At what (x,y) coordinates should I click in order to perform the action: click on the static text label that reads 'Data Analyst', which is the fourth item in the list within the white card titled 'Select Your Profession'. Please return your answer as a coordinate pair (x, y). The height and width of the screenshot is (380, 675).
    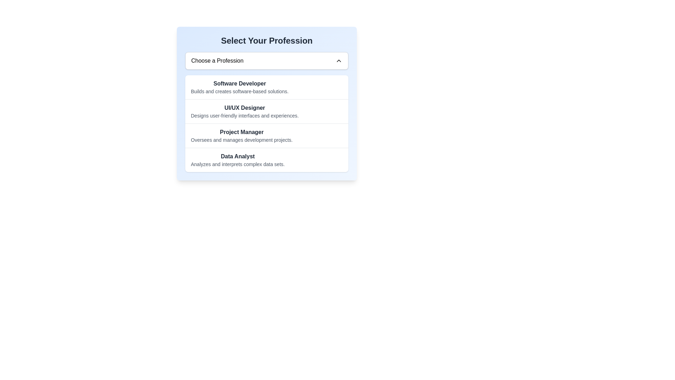
    Looking at the image, I should click on (266, 160).